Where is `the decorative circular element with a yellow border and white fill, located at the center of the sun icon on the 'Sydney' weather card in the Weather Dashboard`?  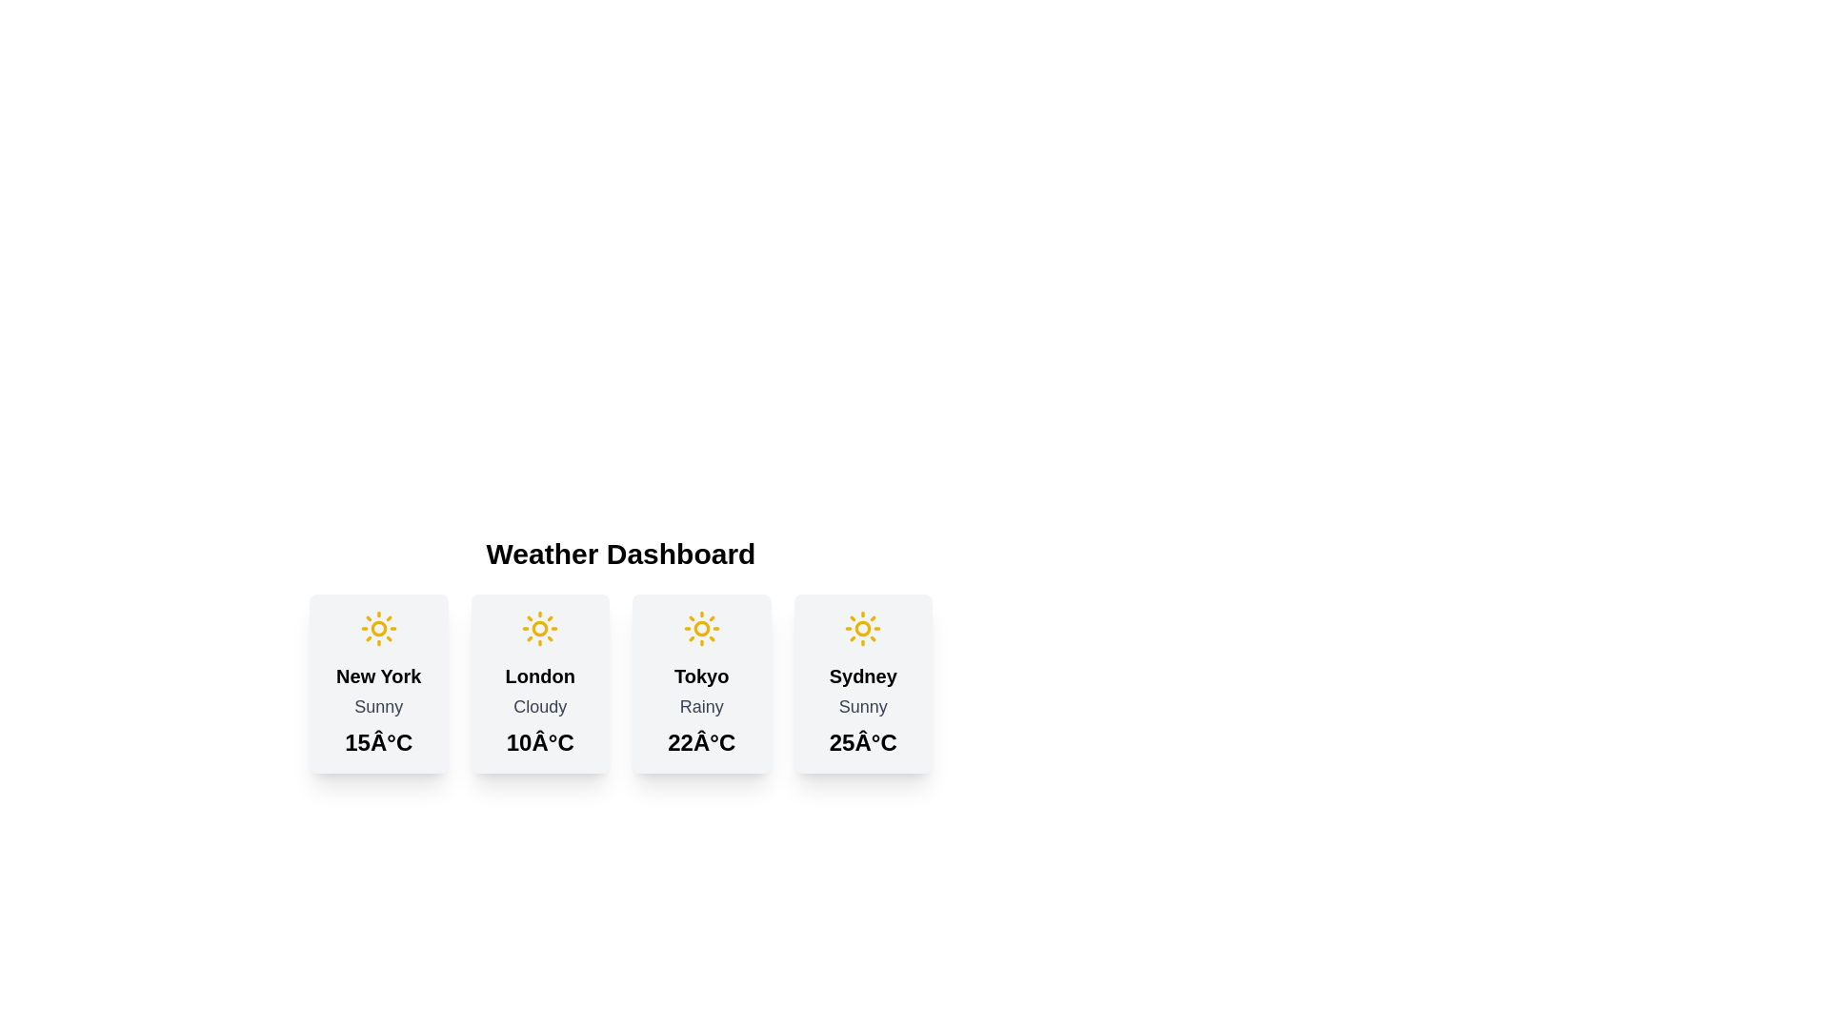 the decorative circular element with a yellow border and white fill, located at the center of the sun icon on the 'Sydney' weather card in the Weather Dashboard is located at coordinates (862, 628).